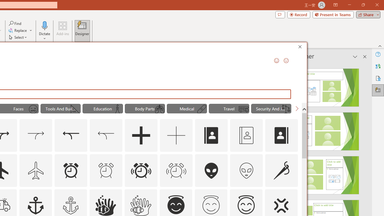 This screenshot has height=216, width=384. What do you see at coordinates (229, 109) in the screenshot?
I see `'"Travel" Icons.'` at bounding box center [229, 109].